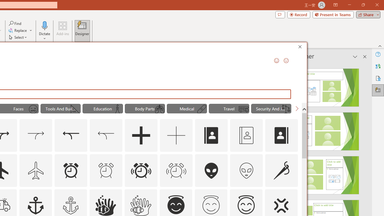 This screenshot has height=216, width=384. What do you see at coordinates (229, 109) in the screenshot?
I see `'"Travel" Icons.'` at bounding box center [229, 109].